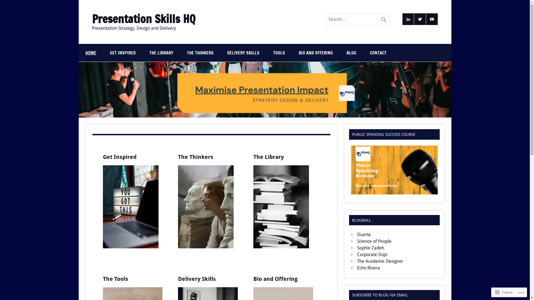  Describe the element at coordinates (122, 52) in the screenshot. I see `'GET INSPIRED'` at that location.